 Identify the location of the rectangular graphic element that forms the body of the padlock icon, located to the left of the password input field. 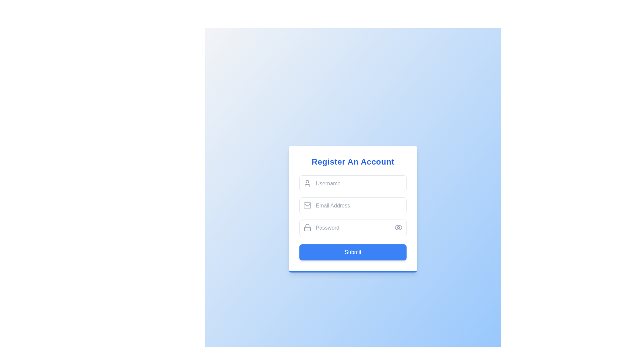
(307, 229).